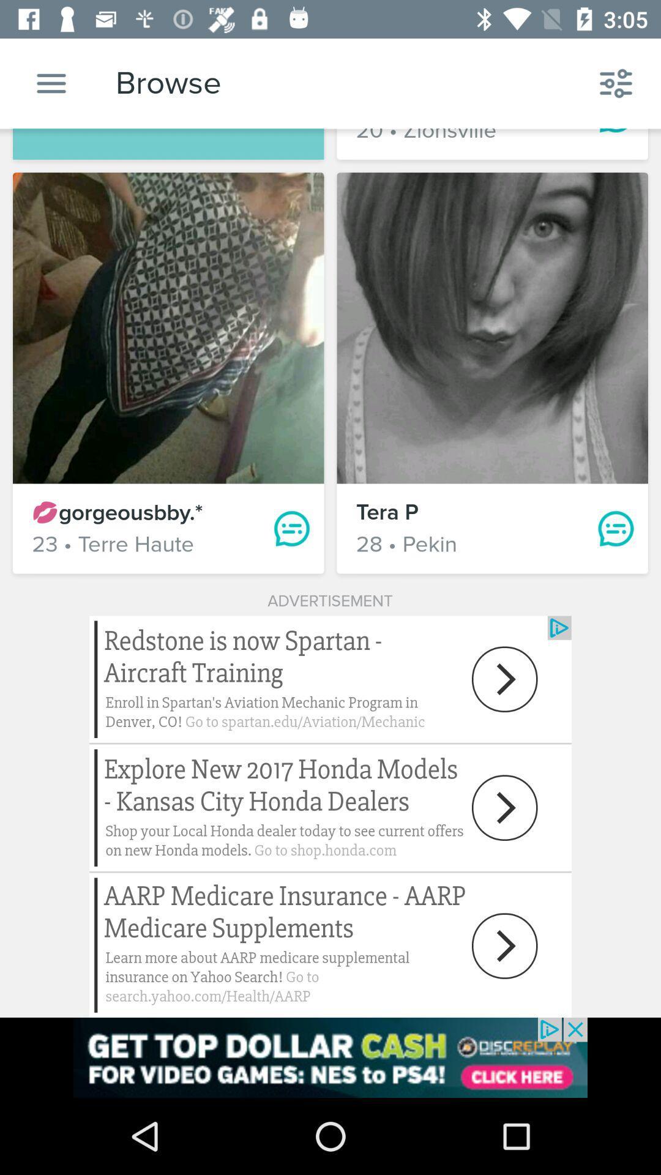  What do you see at coordinates (330, 816) in the screenshot?
I see `advertisement next` at bounding box center [330, 816].